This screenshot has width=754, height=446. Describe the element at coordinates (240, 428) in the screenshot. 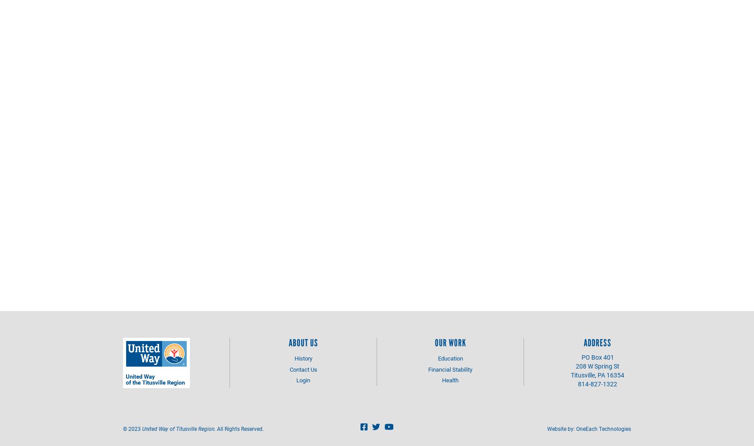

I see `'All Rights Reserved.'` at that location.